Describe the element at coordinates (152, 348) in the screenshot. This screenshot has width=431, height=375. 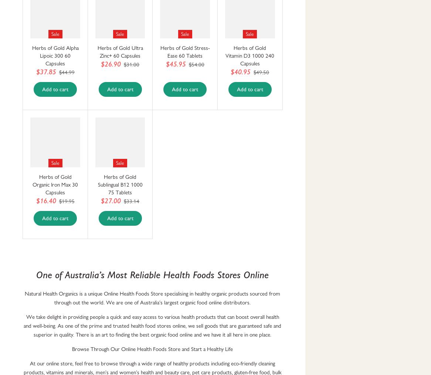
I see `'Browse Through Our Online Health Foods Store and Start a Healthy Life'` at that location.